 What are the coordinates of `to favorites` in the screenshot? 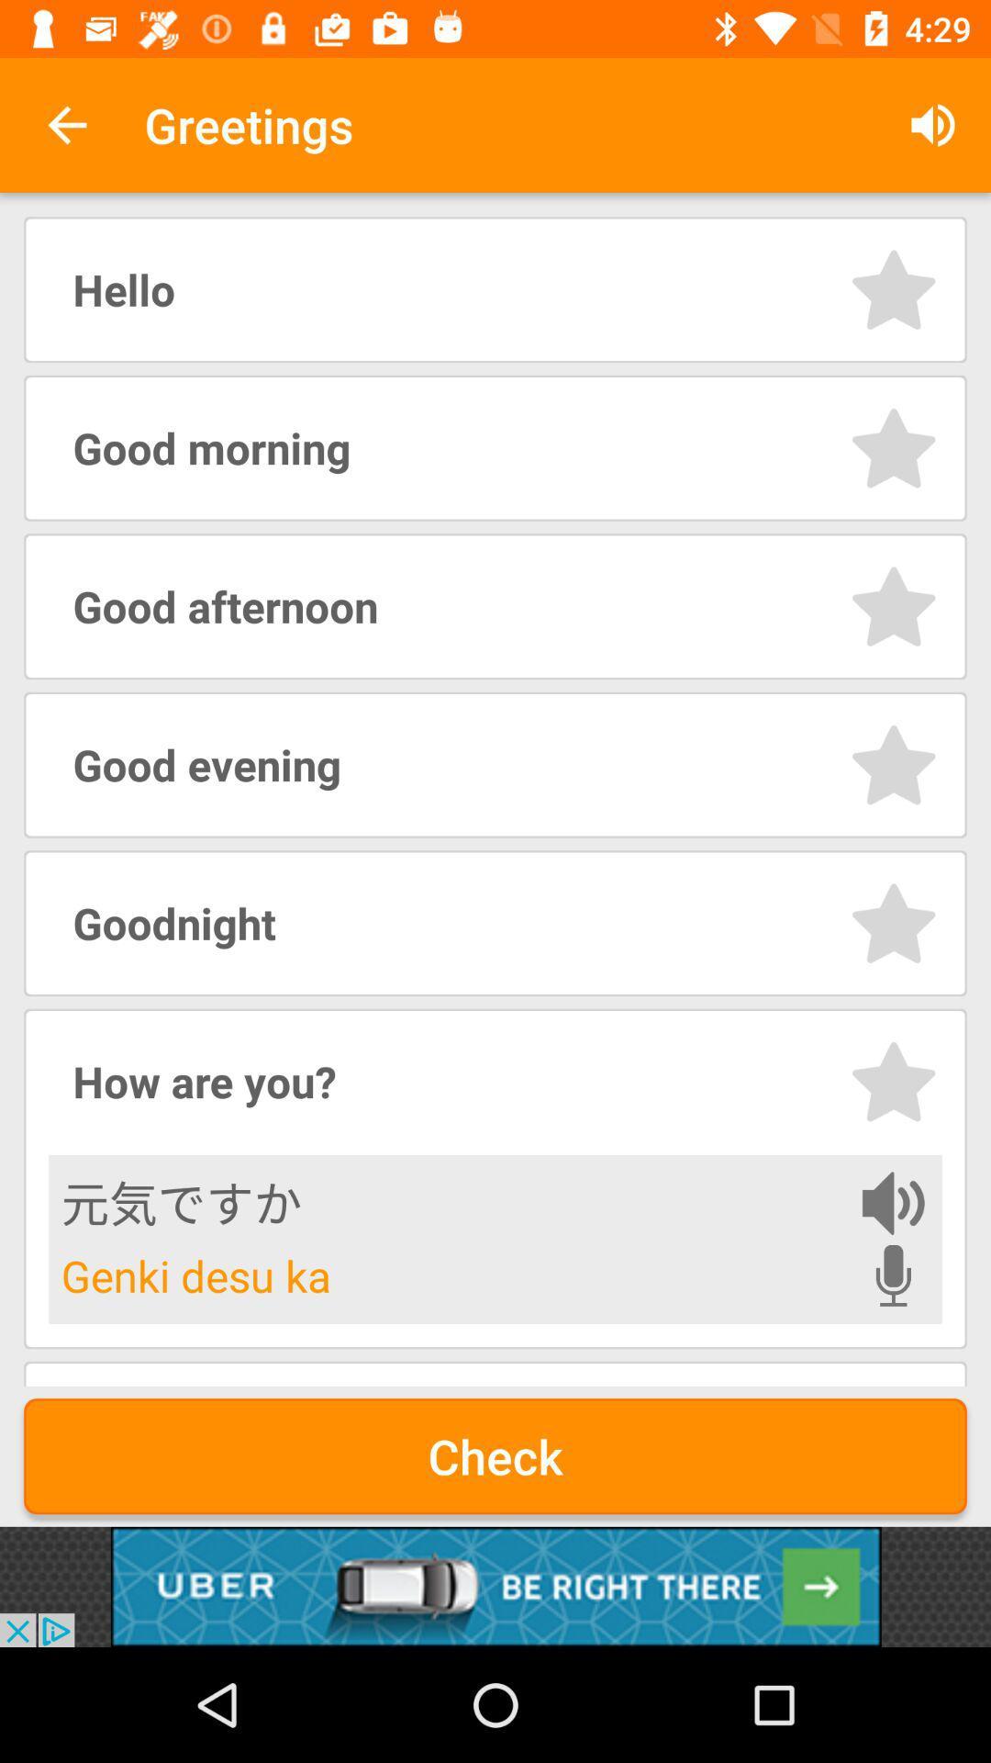 It's located at (893, 448).